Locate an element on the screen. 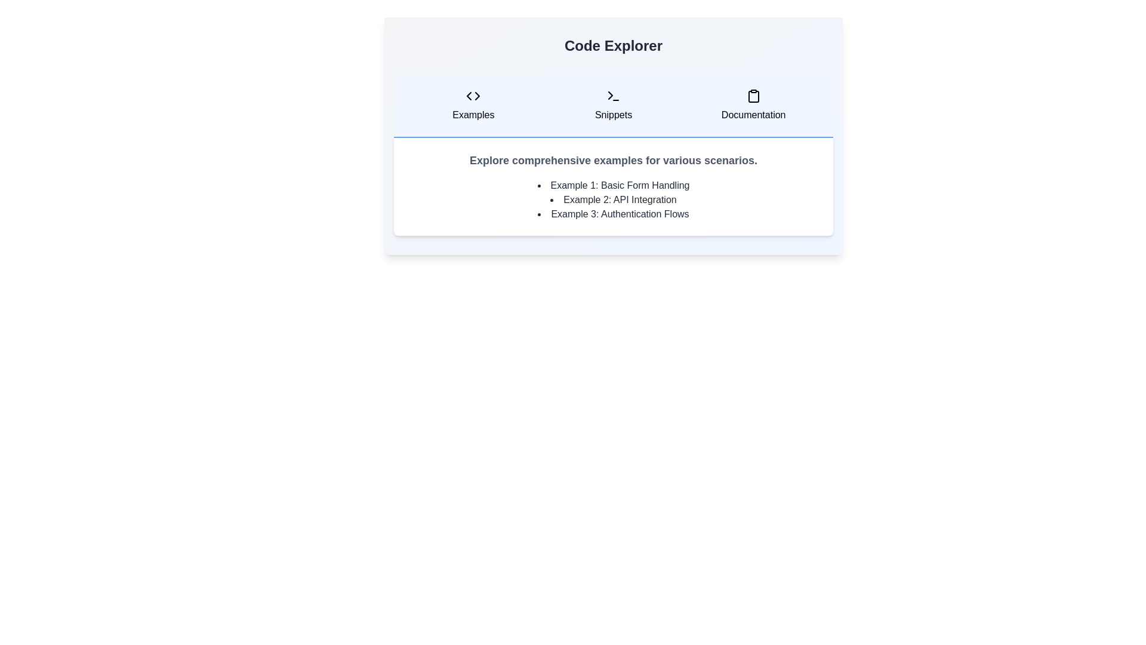 The height and width of the screenshot is (645, 1146). the SVG terminal icon located in the 'Snippets' tab, which is centered horizontally and features a sideways arrow and horizontal line segment in a minimalistic style is located at coordinates (613, 96).